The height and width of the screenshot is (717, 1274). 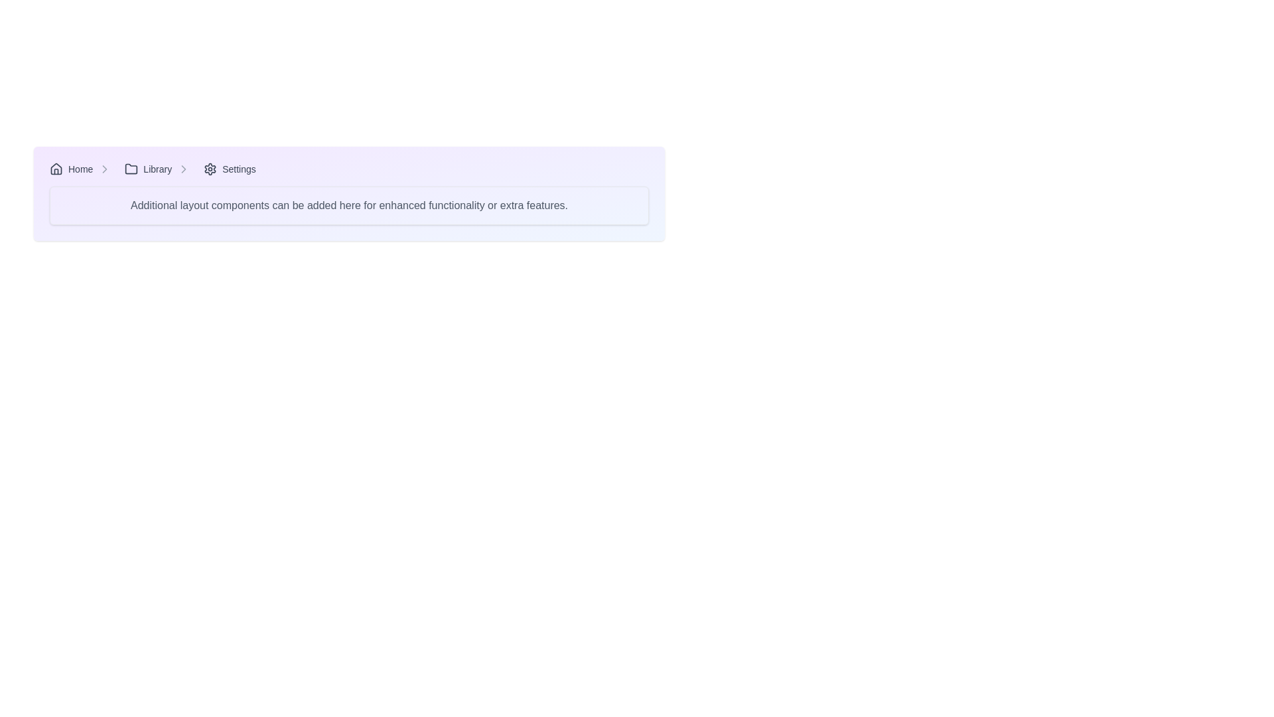 I want to click on the breadcrumb navigation item labeled 'Home', so click(x=82, y=168).